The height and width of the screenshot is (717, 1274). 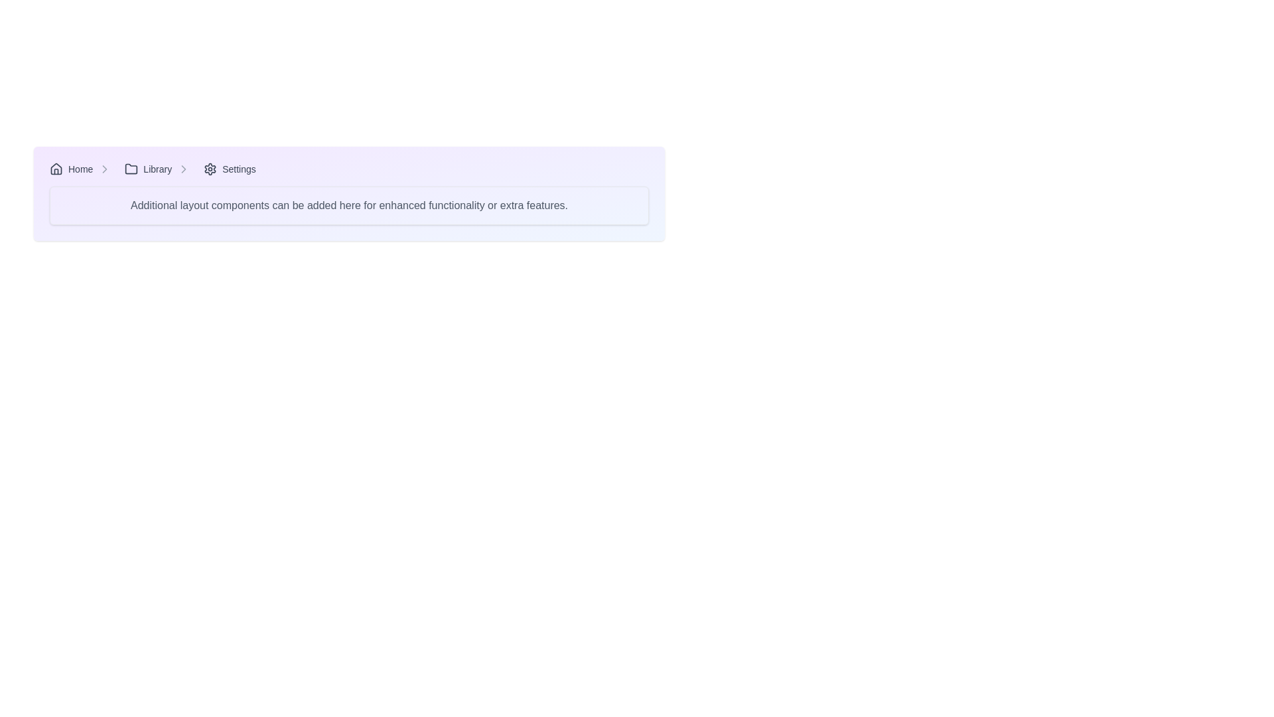 I want to click on the breadcrumb navigation item labeled 'Home', so click(x=82, y=168).